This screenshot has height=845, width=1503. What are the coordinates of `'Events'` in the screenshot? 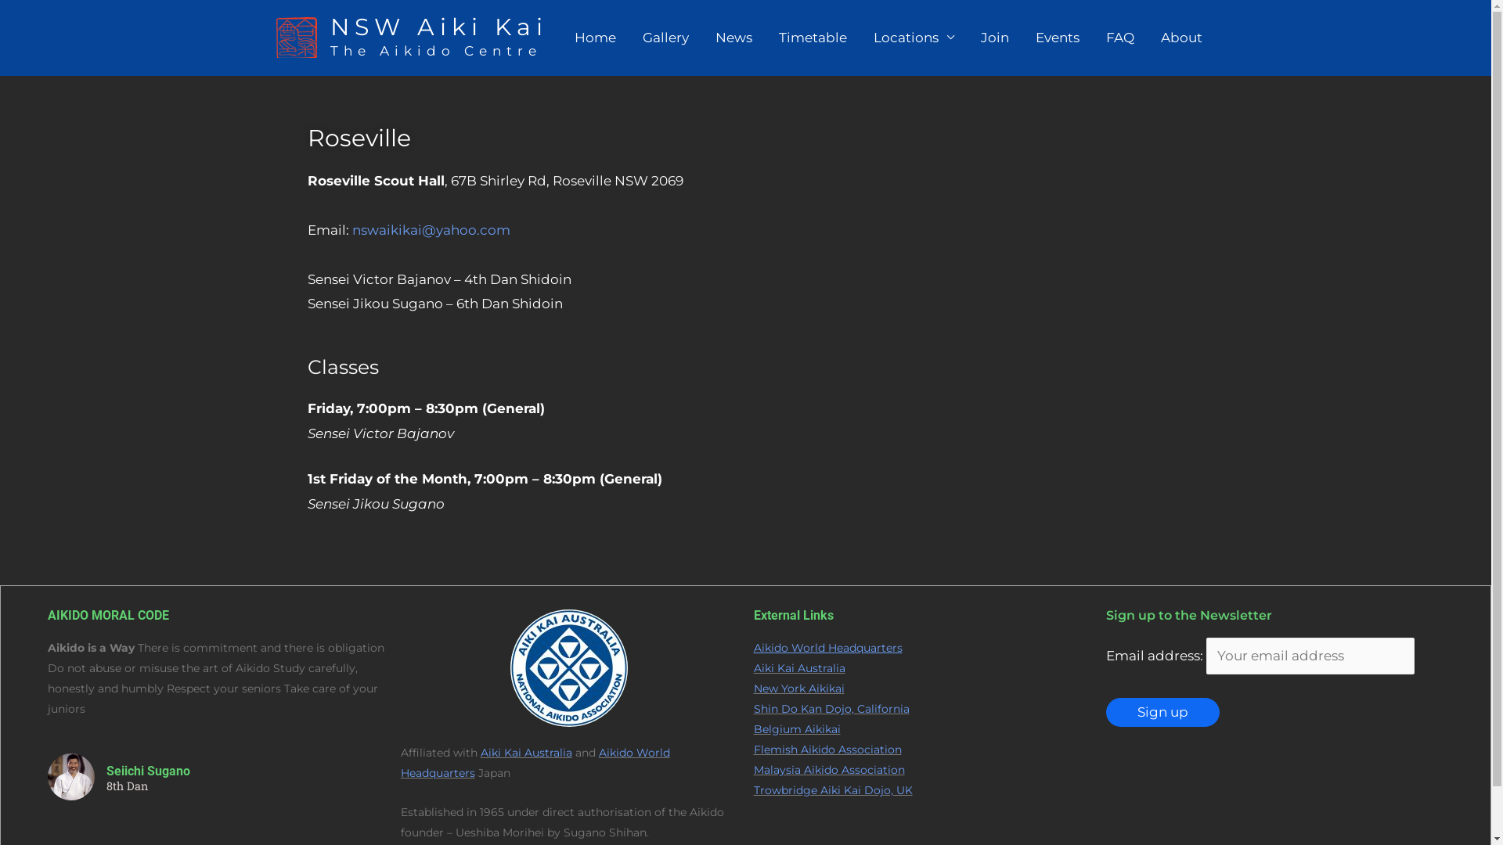 It's located at (1057, 36).